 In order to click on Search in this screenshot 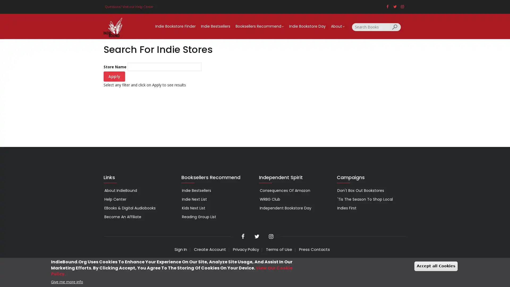, I will do `click(395, 27)`.